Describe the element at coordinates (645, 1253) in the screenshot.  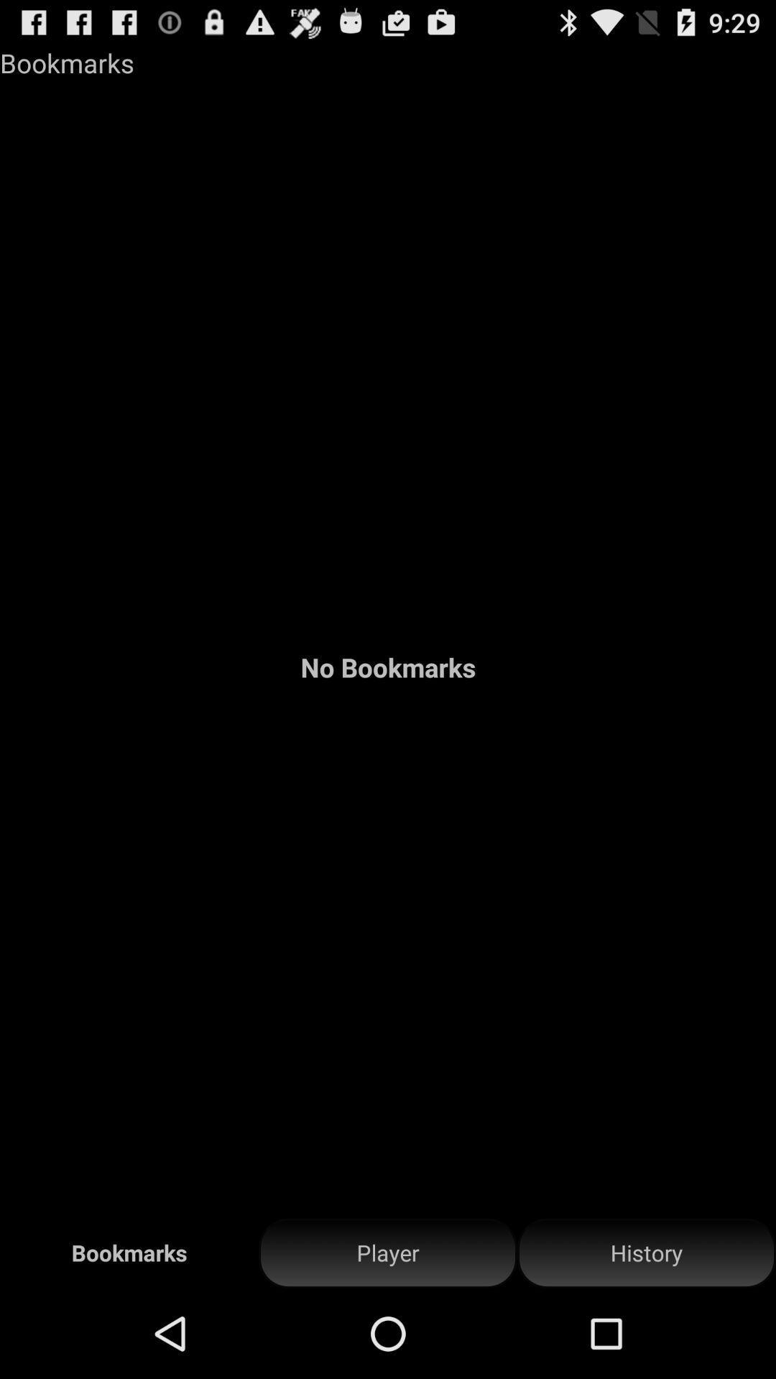
I see `the history at the bottom right corner` at that location.